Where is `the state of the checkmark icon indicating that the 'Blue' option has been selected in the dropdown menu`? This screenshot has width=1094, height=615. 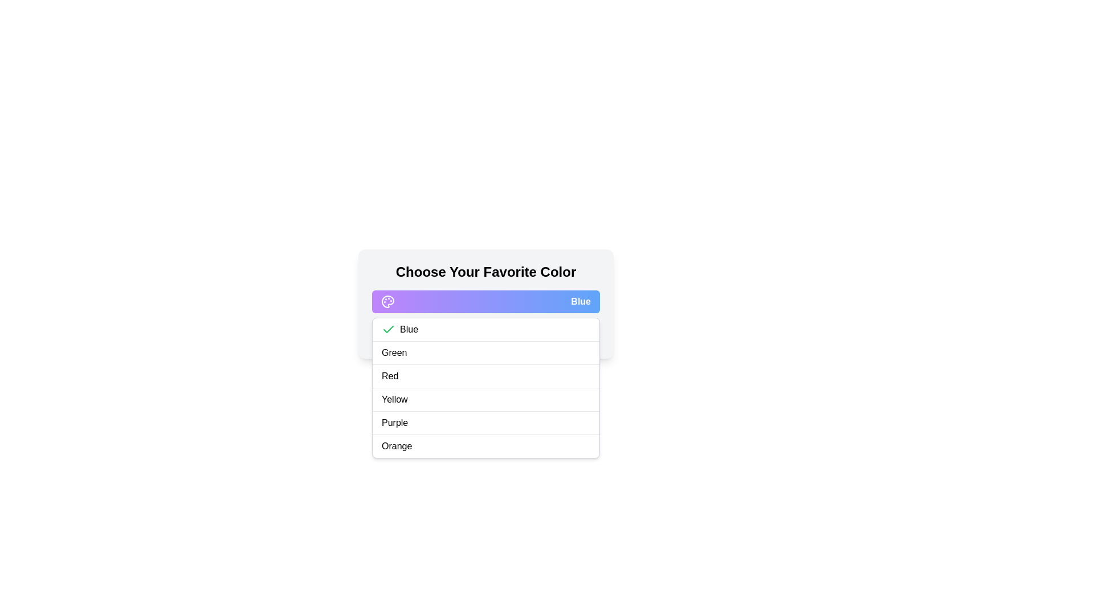 the state of the checkmark icon indicating that the 'Blue' option has been selected in the dropdown menu is located at coordinates (388, 329).